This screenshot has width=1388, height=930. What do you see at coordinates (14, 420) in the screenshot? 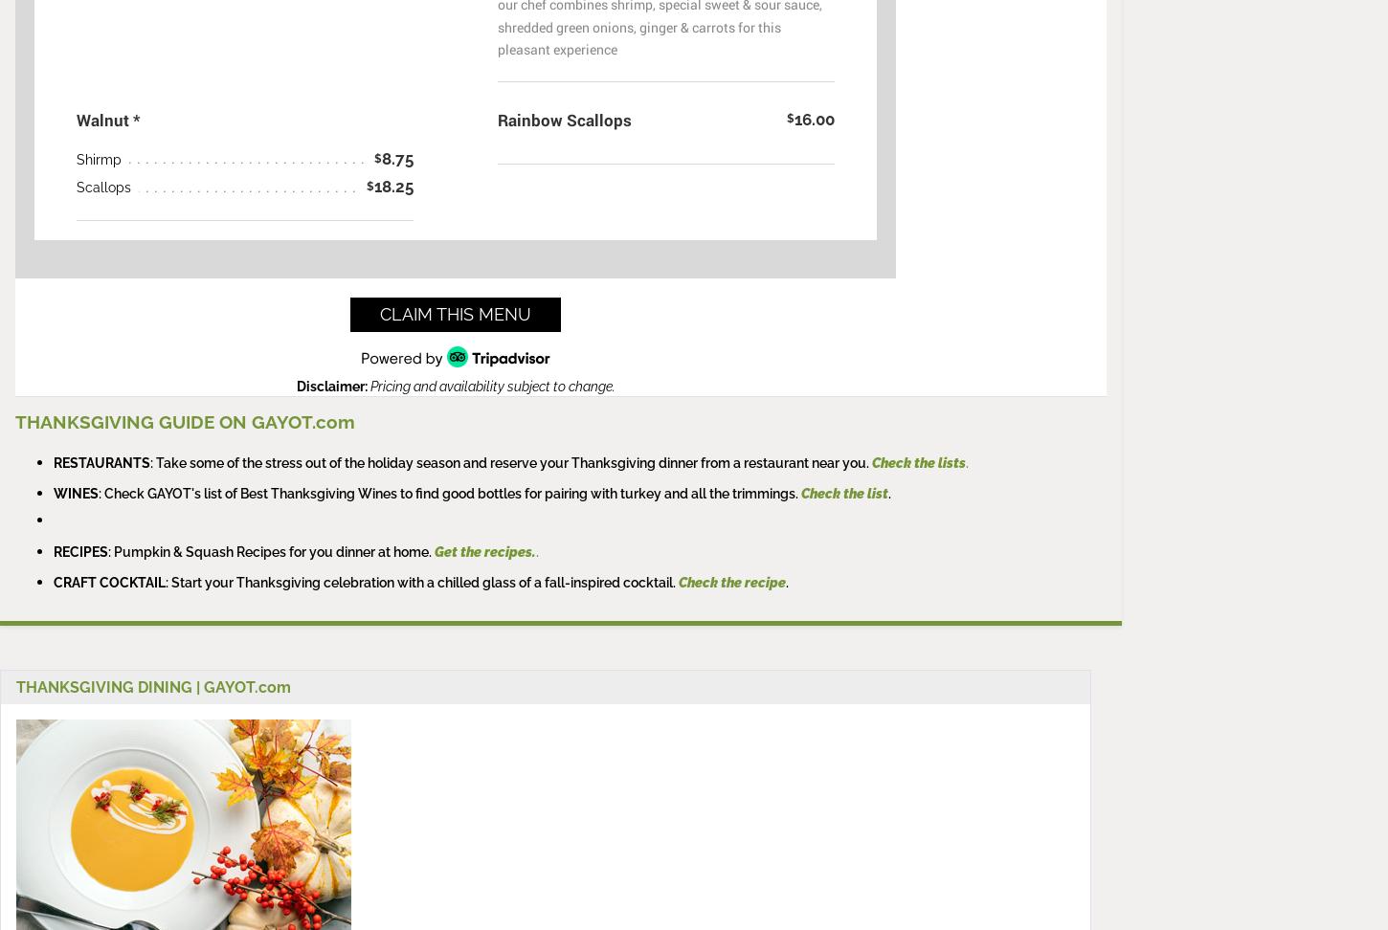
I see `'THANKSGIVING GUIDE ON GAYOT.com'` at bounding box center [14, 420].